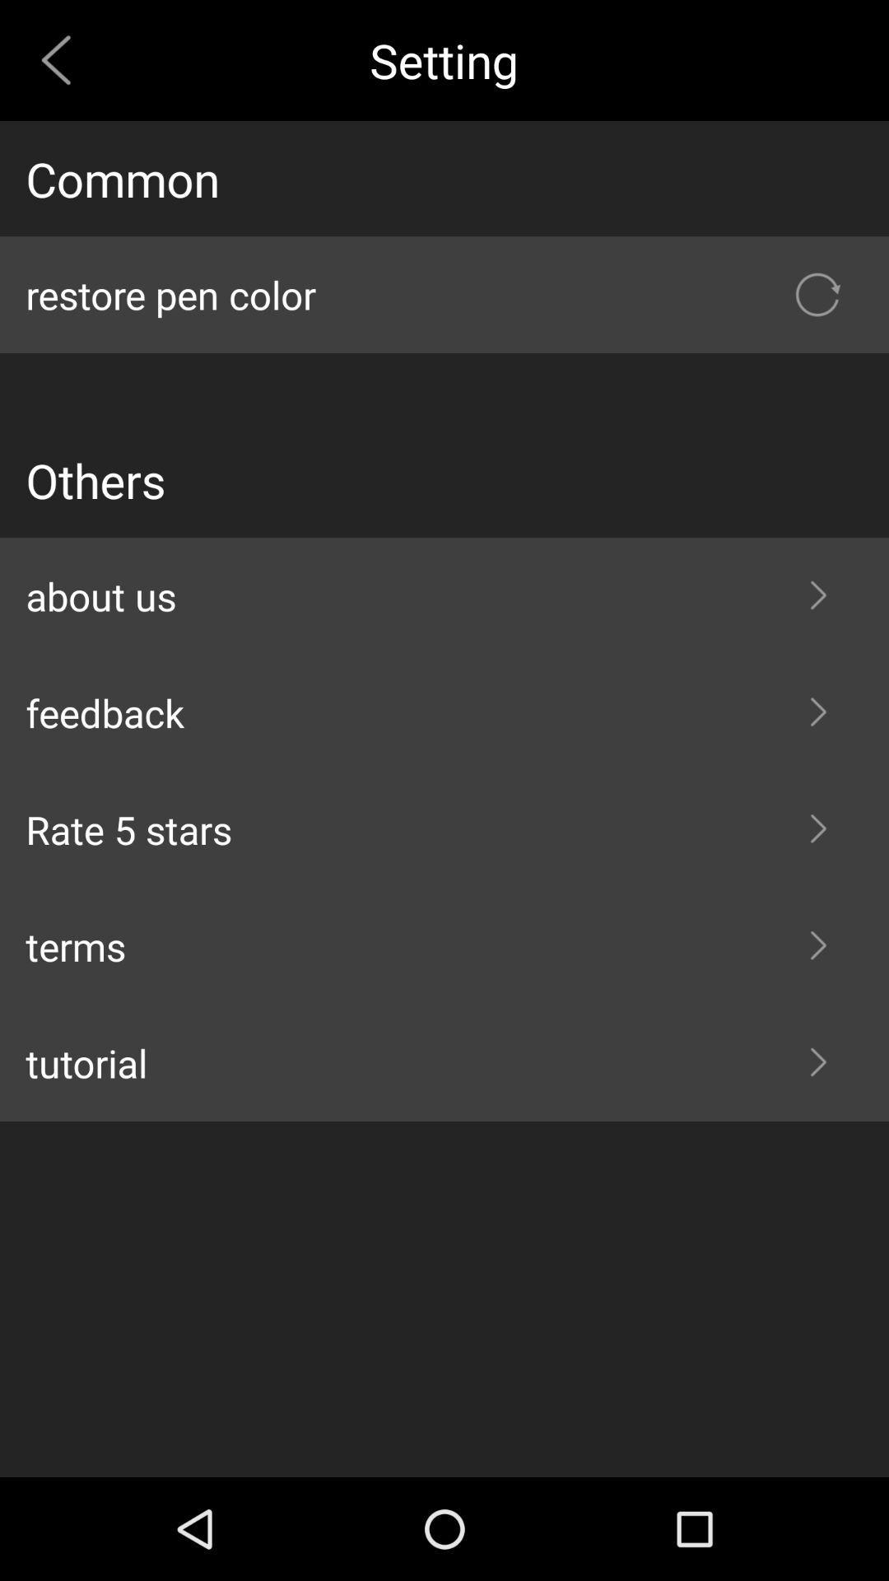 The height and width of the screenshot is (1581, 889). What do you see at coordinates (62, 60) in the screenshot?
I see `icon to the left of setting` at bounding box center [62, 60].